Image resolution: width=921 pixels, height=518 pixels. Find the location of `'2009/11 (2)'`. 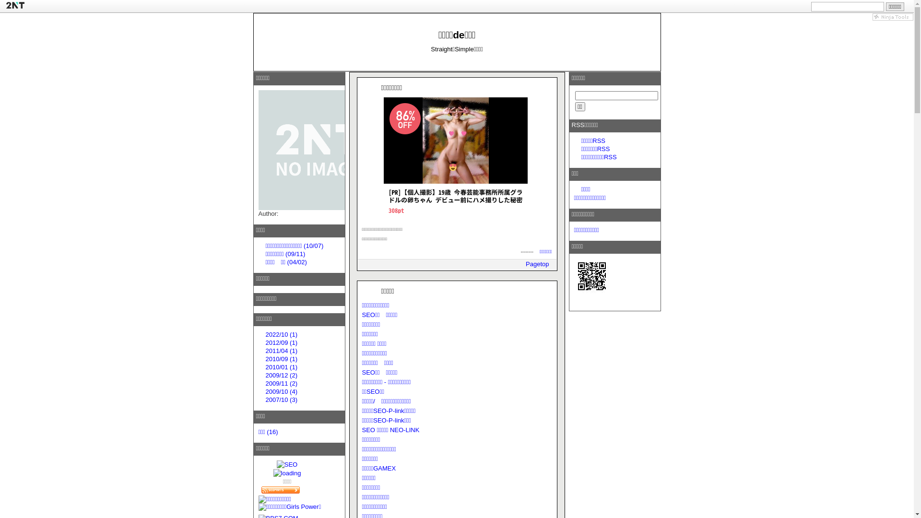

'2009/11 (2)' is located at coordinates (265, 383).